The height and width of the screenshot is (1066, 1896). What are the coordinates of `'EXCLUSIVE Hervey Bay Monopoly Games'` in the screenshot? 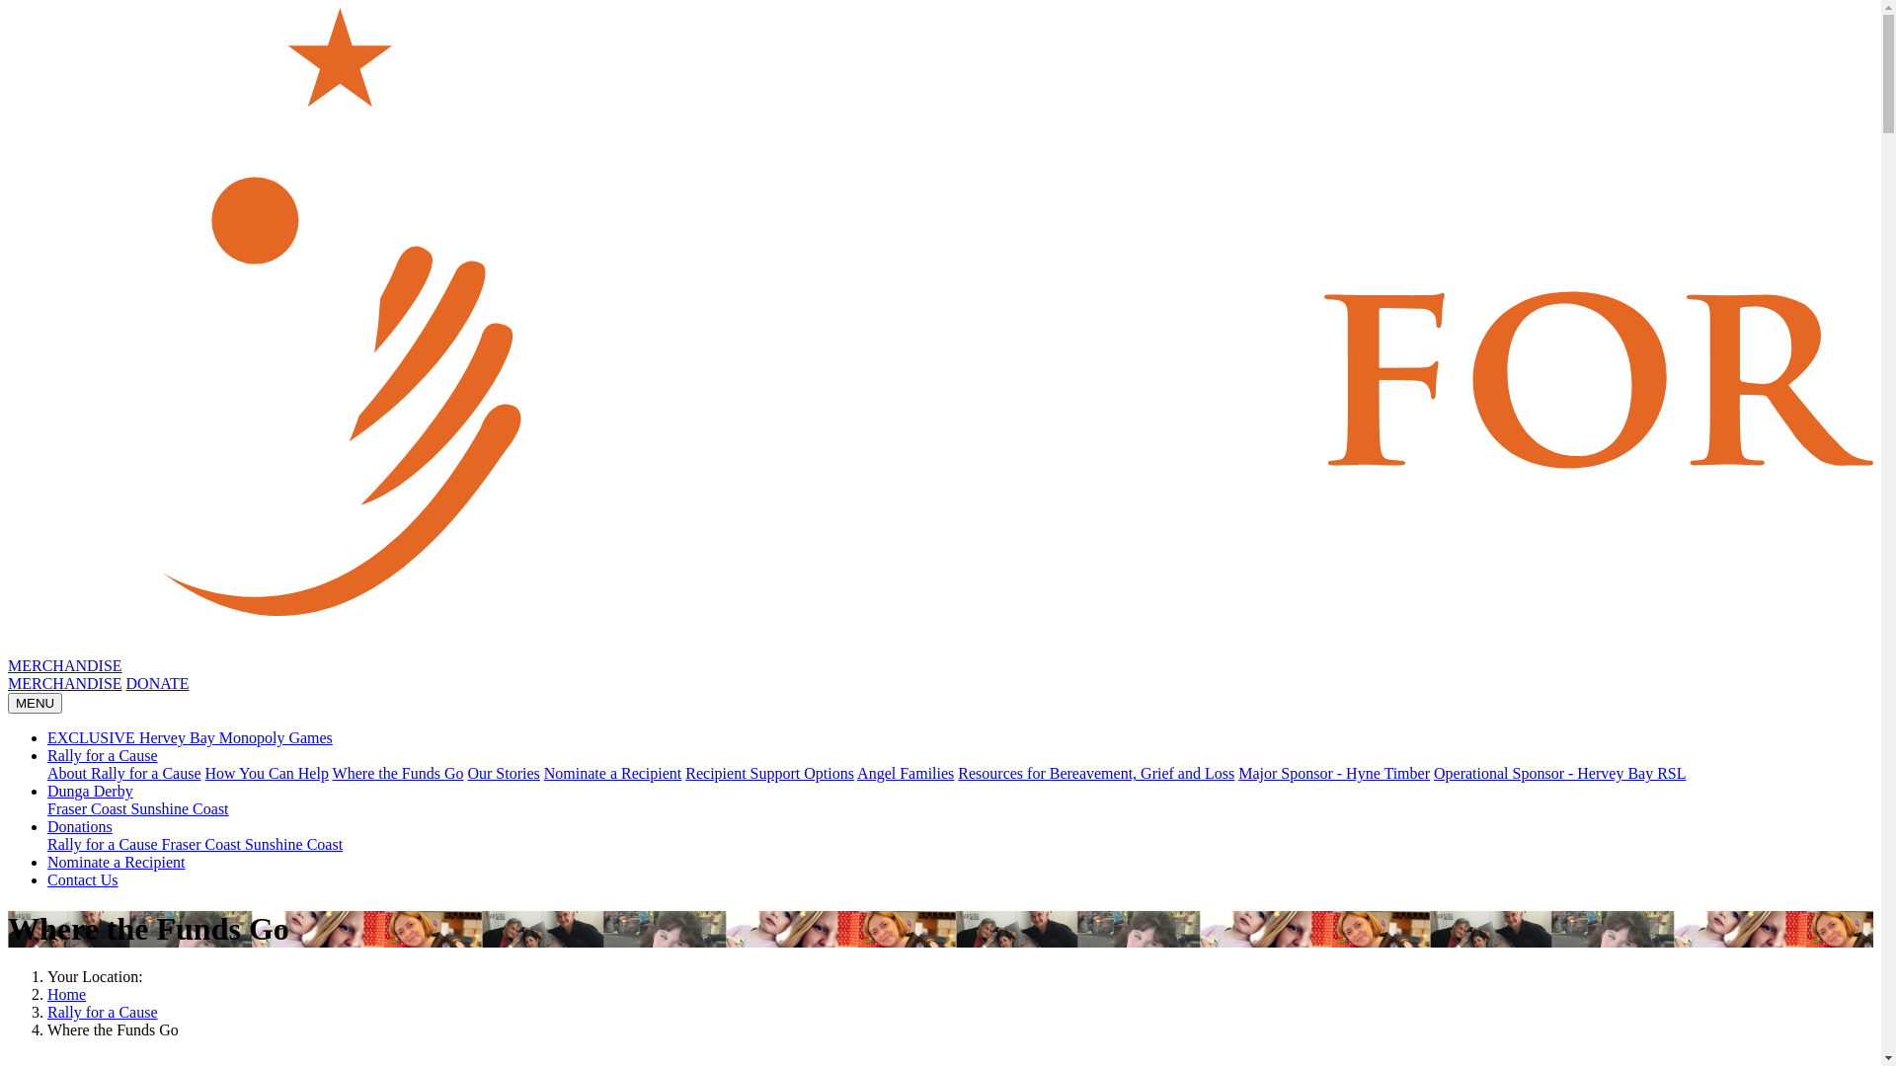 It's located at (47, 737).